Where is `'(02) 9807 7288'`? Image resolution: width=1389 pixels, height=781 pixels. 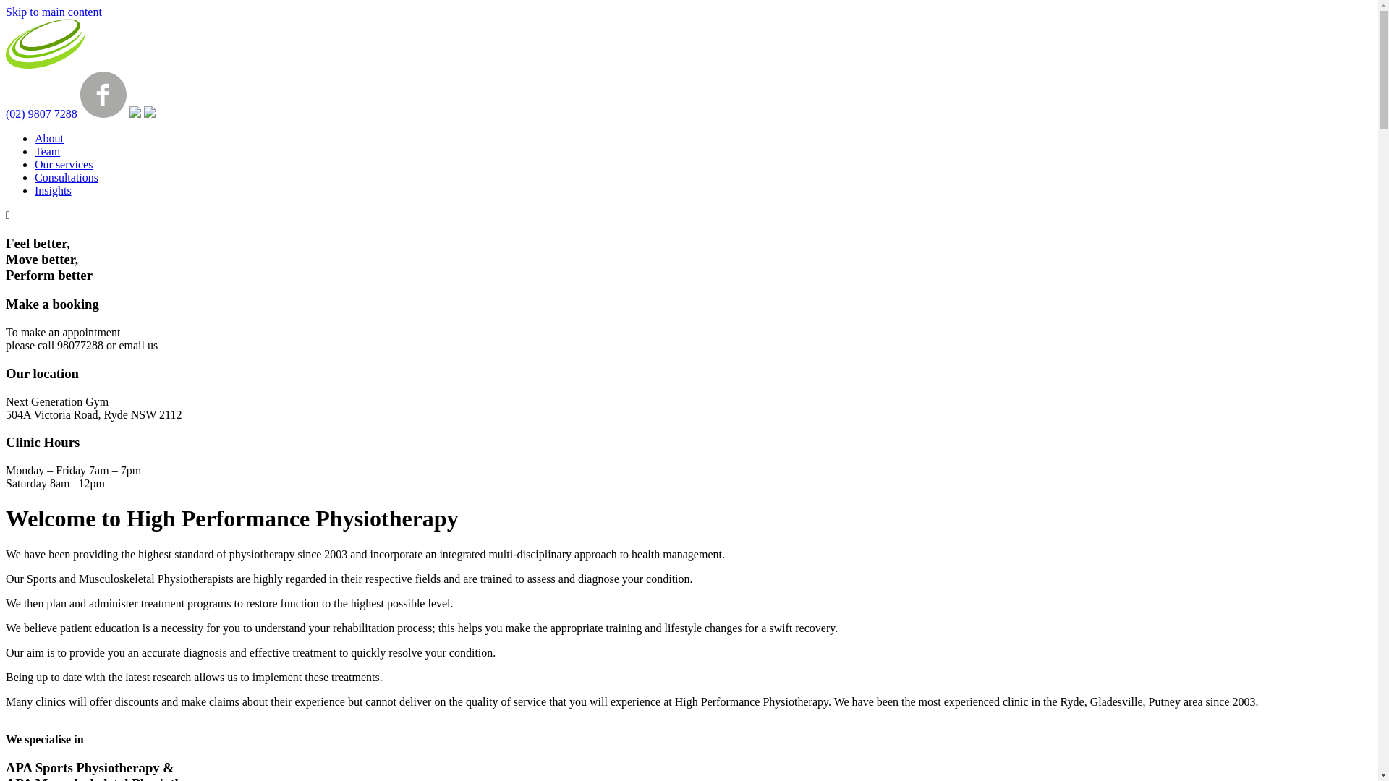
'(02) 9807 7288' is located at coordinates (6, 113).